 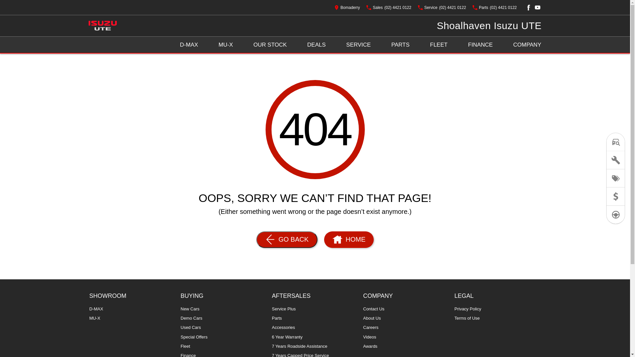 I want to click on 'Service Plus', so click(x=284, y=311).